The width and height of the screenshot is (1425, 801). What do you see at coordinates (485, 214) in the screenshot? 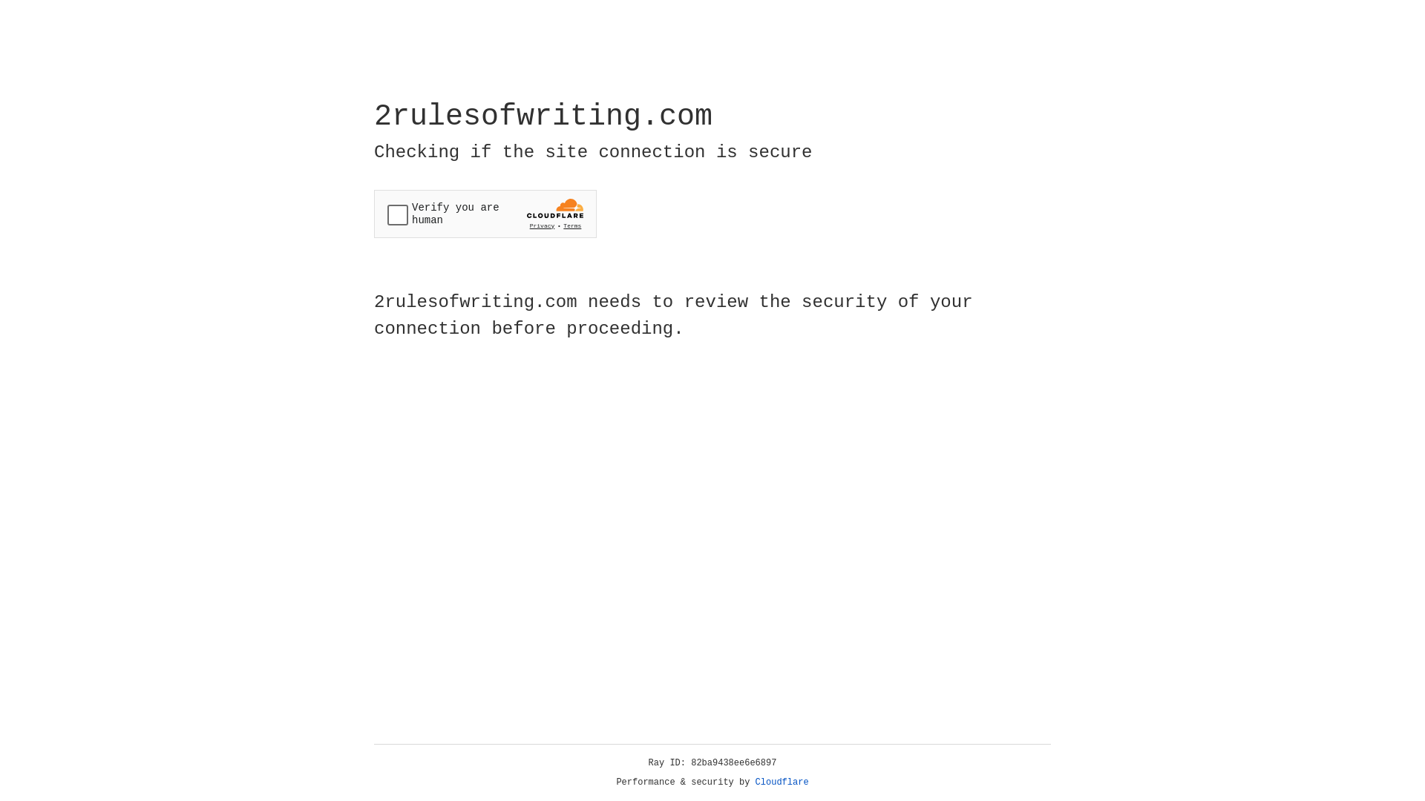
I see `'Widget containing a Cloudflare security challenge'` at bounding box center [485, 214].